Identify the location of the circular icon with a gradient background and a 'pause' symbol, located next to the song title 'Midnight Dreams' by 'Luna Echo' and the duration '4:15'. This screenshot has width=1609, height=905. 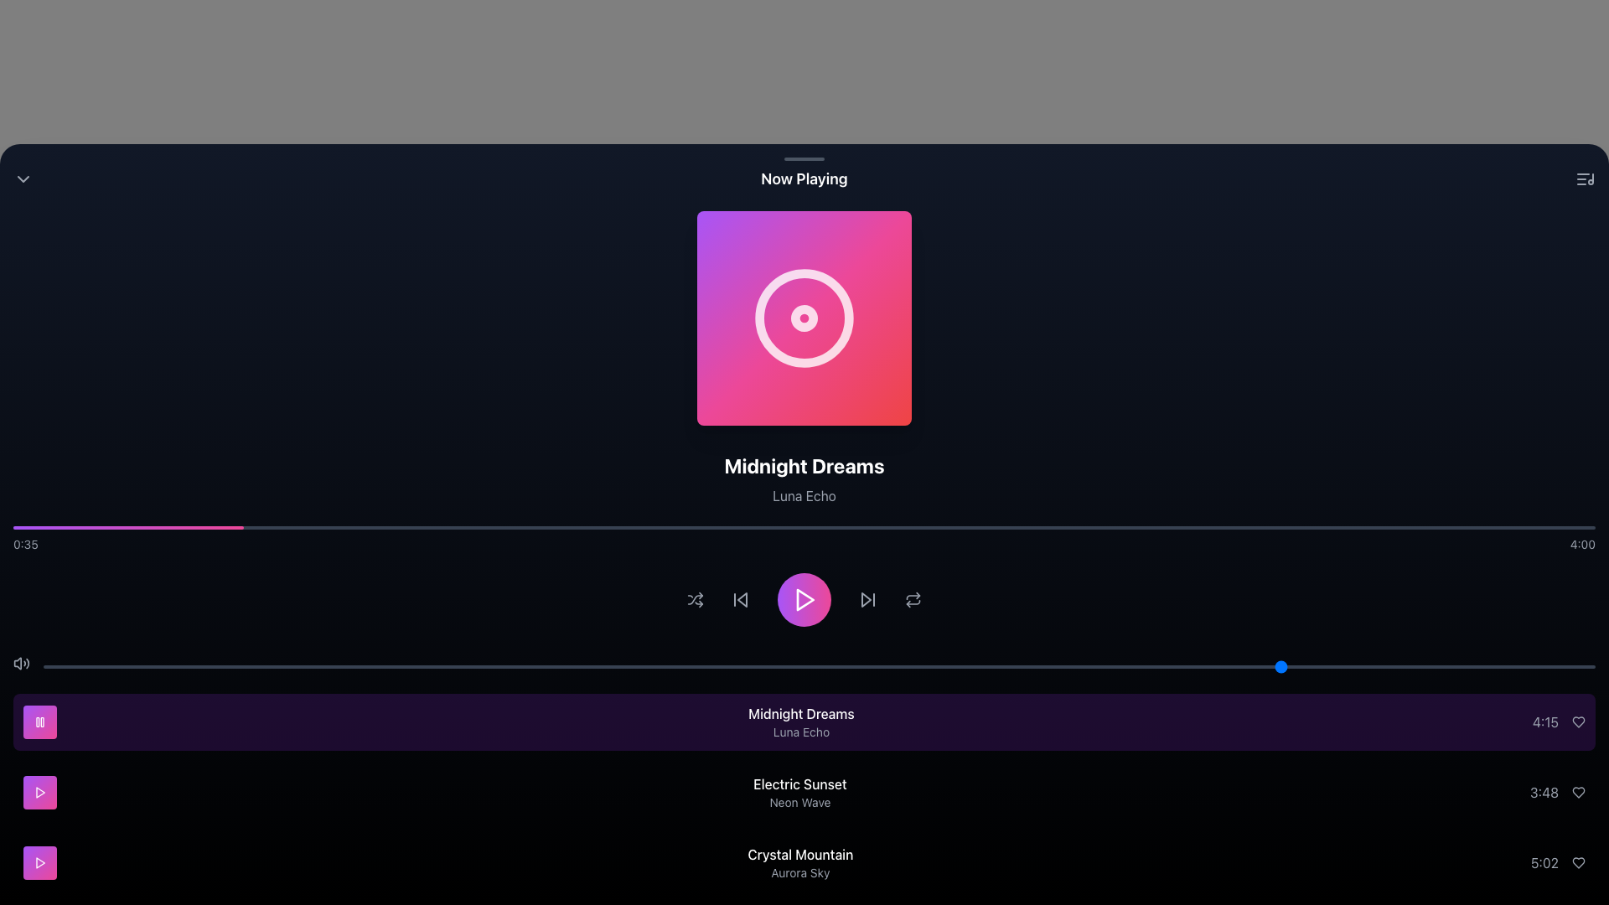
(40, 721).